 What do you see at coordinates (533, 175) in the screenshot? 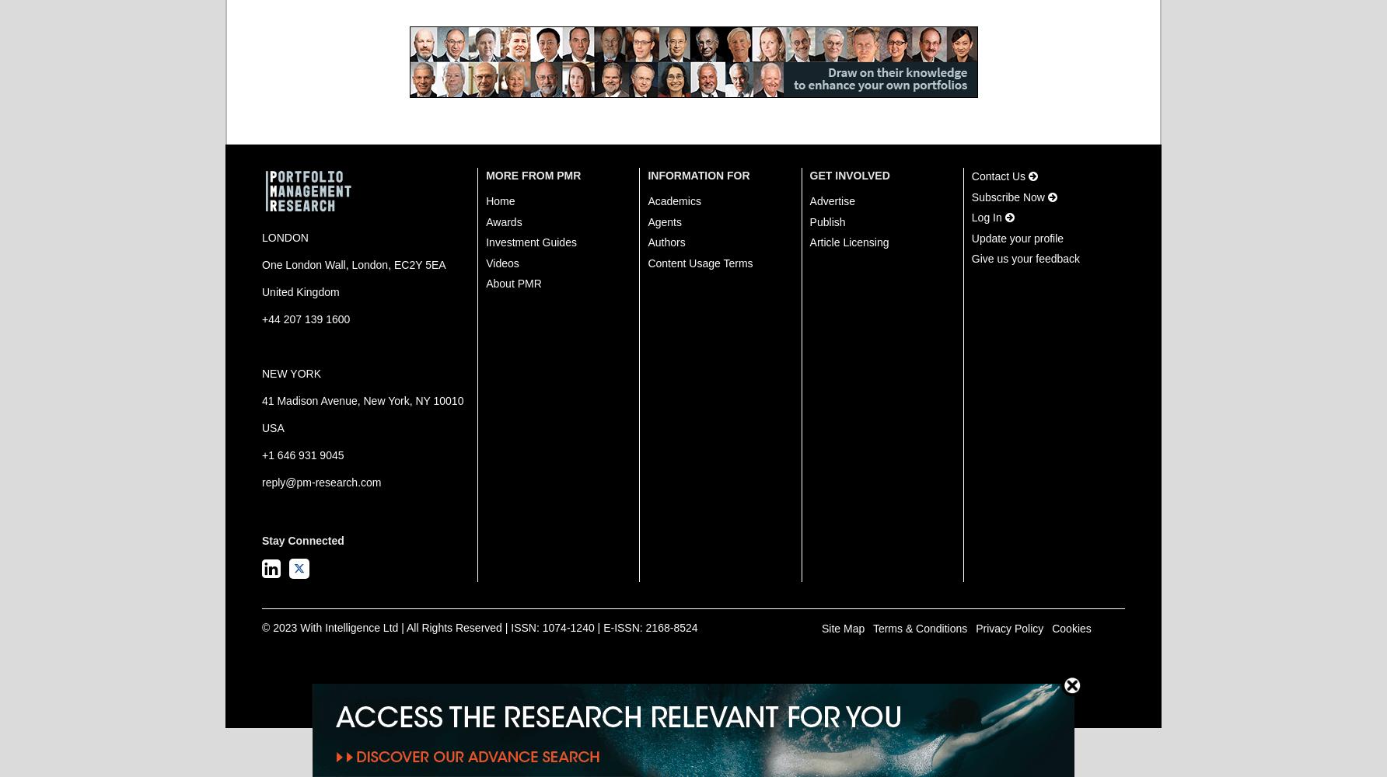
I see `'MORE FROM PMR'` at bounding box center [533, 175].